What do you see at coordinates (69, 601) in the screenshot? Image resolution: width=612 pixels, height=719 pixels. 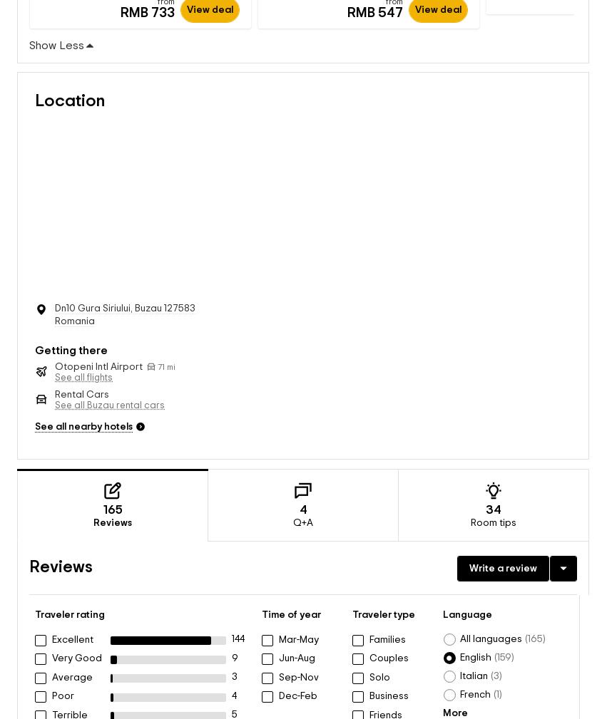 I see `'Traveler rating'` at bounding box center [69, 601].